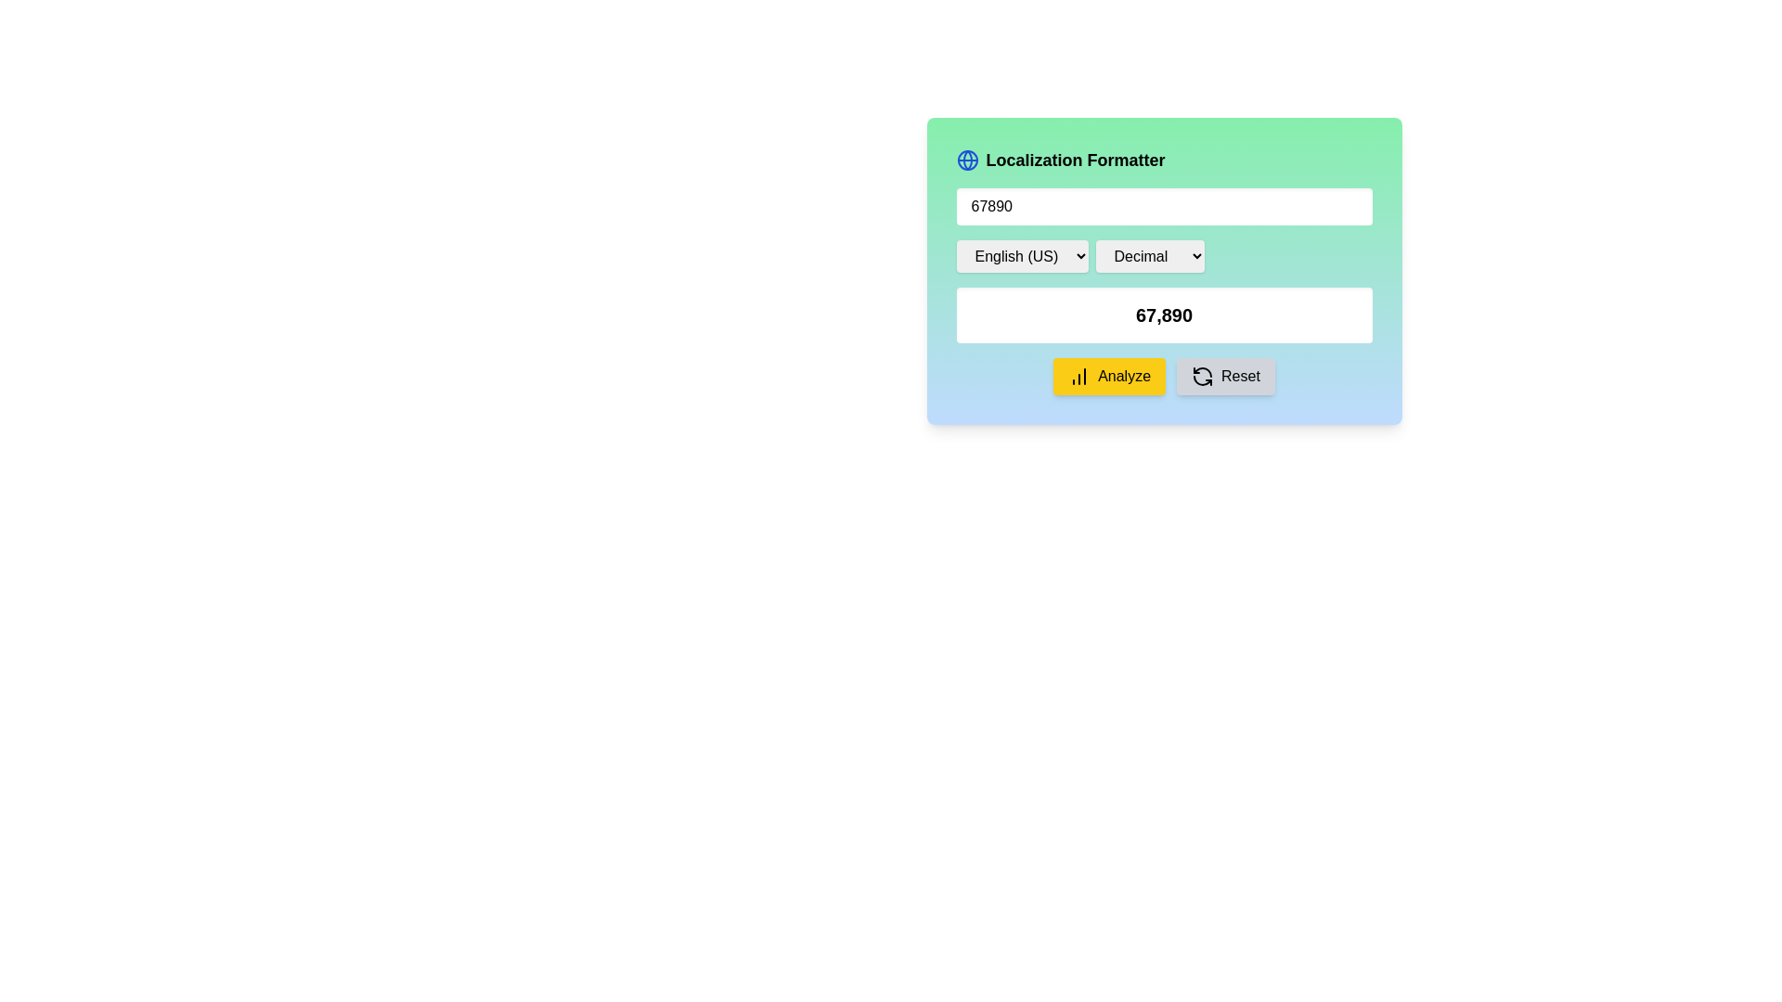 The width and height of the screenshot is (1782, 1002). I want to click on the 'Analyze' button, which is a rectangular button with a yellow background and a bar chart icon, so click(1109, 376).